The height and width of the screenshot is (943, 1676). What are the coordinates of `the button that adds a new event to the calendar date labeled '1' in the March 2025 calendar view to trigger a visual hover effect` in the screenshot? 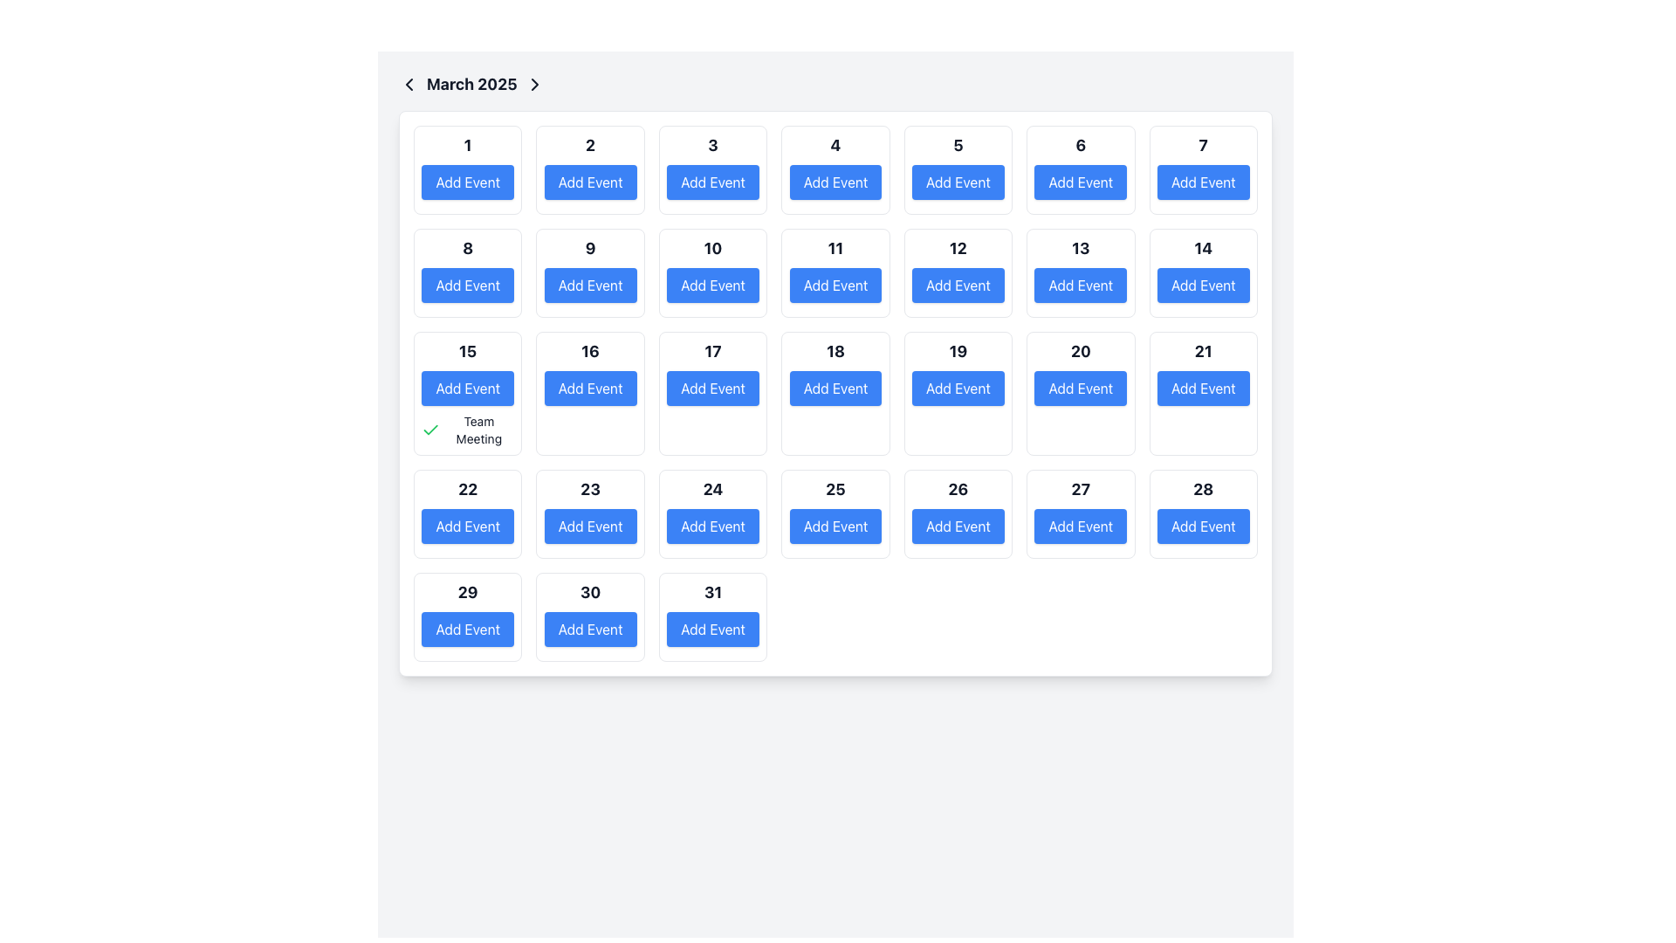 It's located at (468, 182).